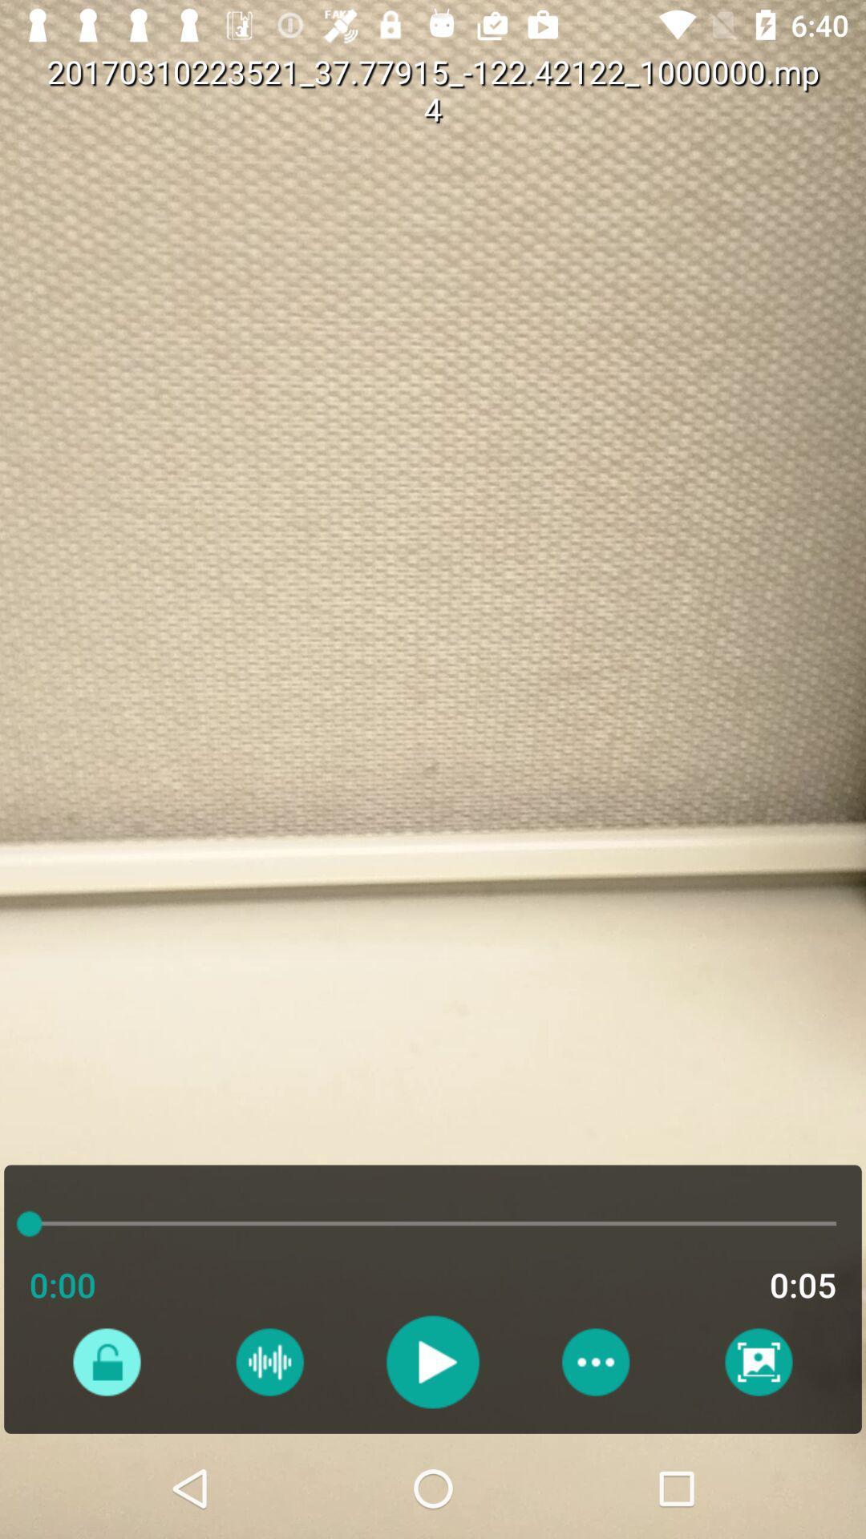  I want to click on unlock, so click(107, 1361).